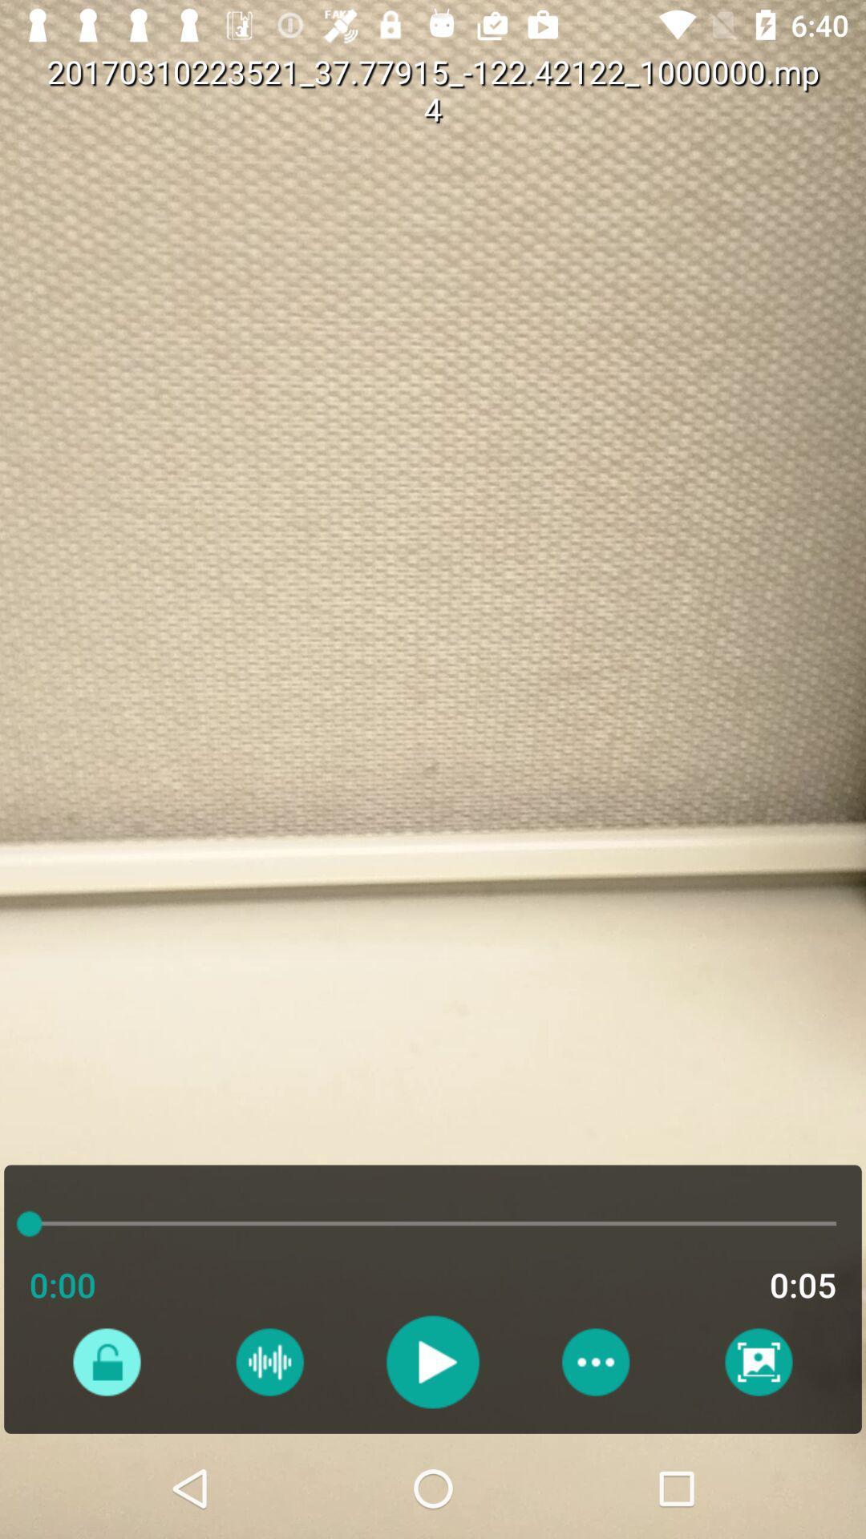  I want to click on unlock, so click(107, 1361).